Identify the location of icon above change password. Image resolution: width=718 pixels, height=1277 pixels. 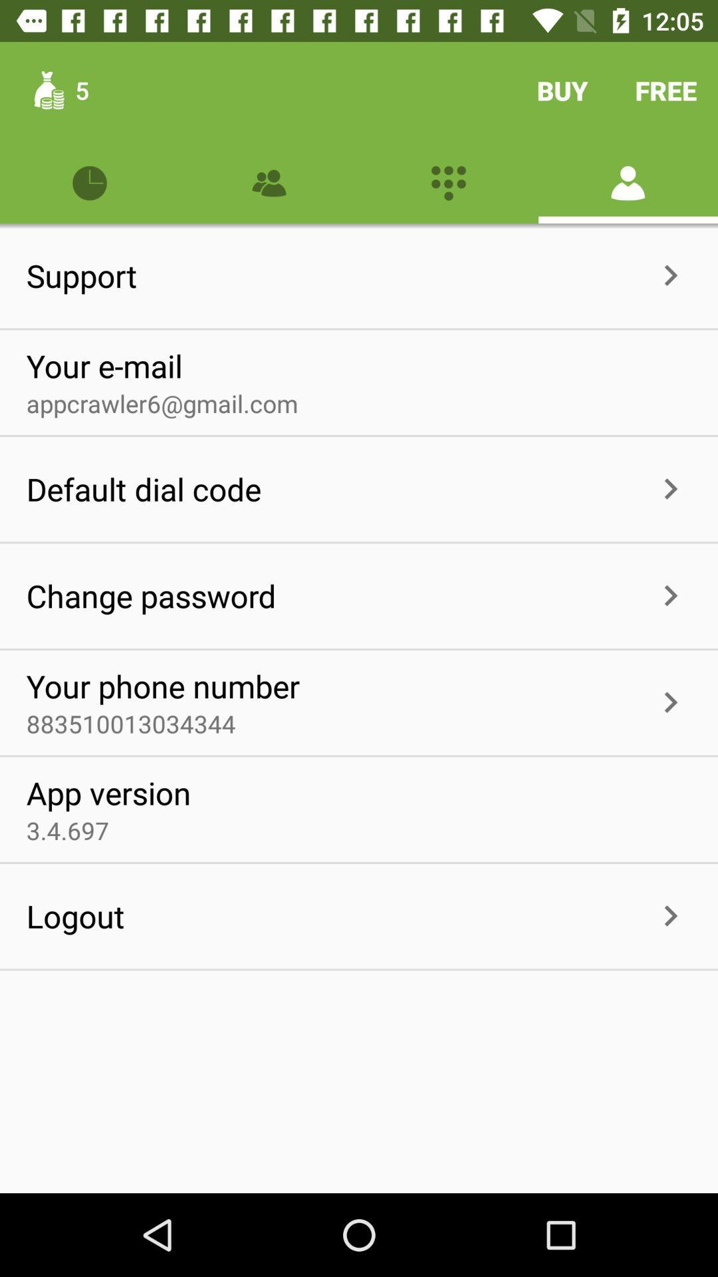
(144, 488).